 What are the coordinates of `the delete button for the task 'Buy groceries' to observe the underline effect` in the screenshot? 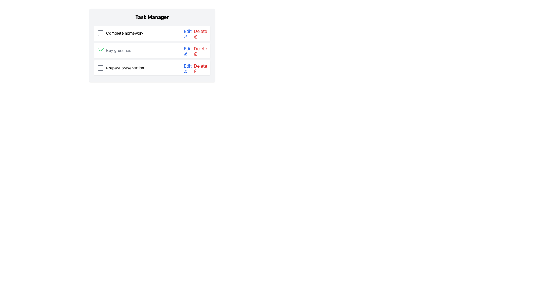 It's located at (200, 51).